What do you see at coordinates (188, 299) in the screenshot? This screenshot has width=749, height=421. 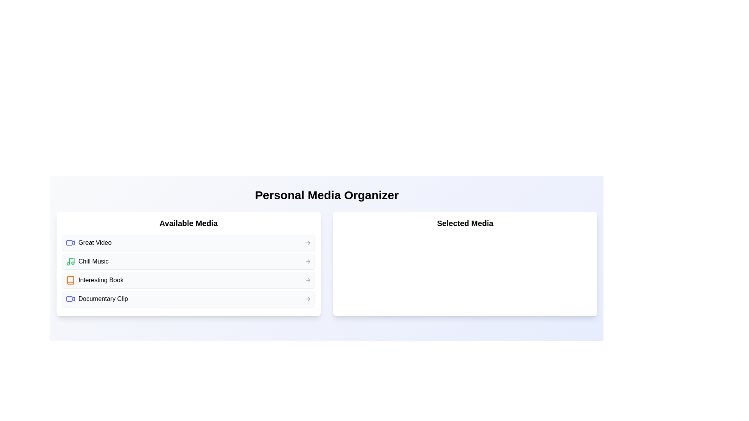 I see `the 'Documentary Clip' button, which is the fourth item in the vertical list under 'Available Media'` at bounding box center [188, 299].